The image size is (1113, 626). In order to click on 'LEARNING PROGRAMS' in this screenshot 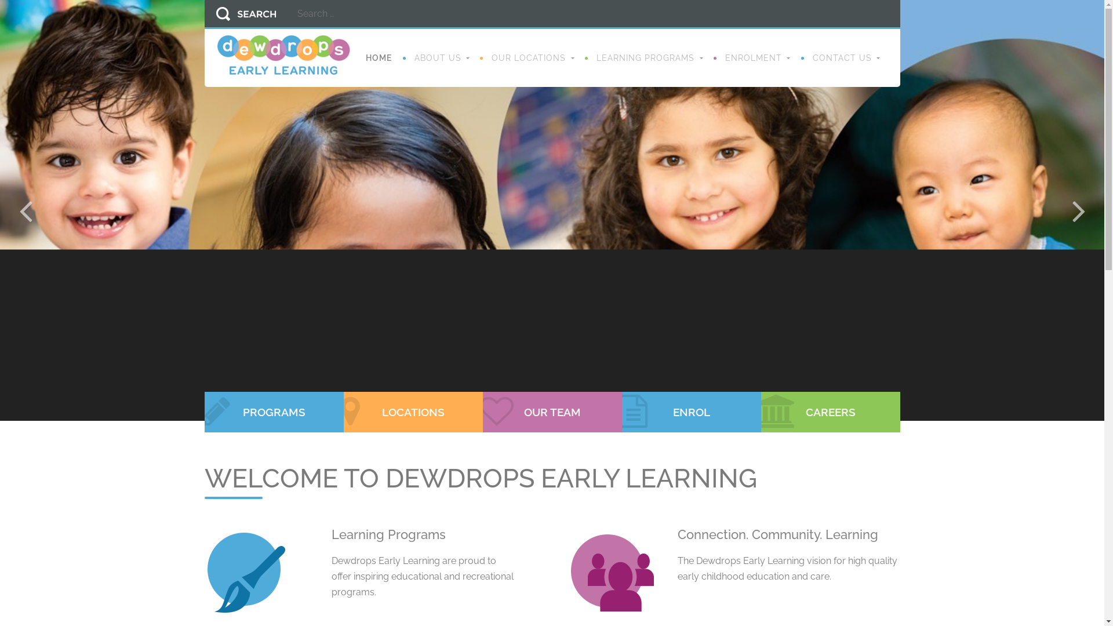, I will do `click(649, 58)`.